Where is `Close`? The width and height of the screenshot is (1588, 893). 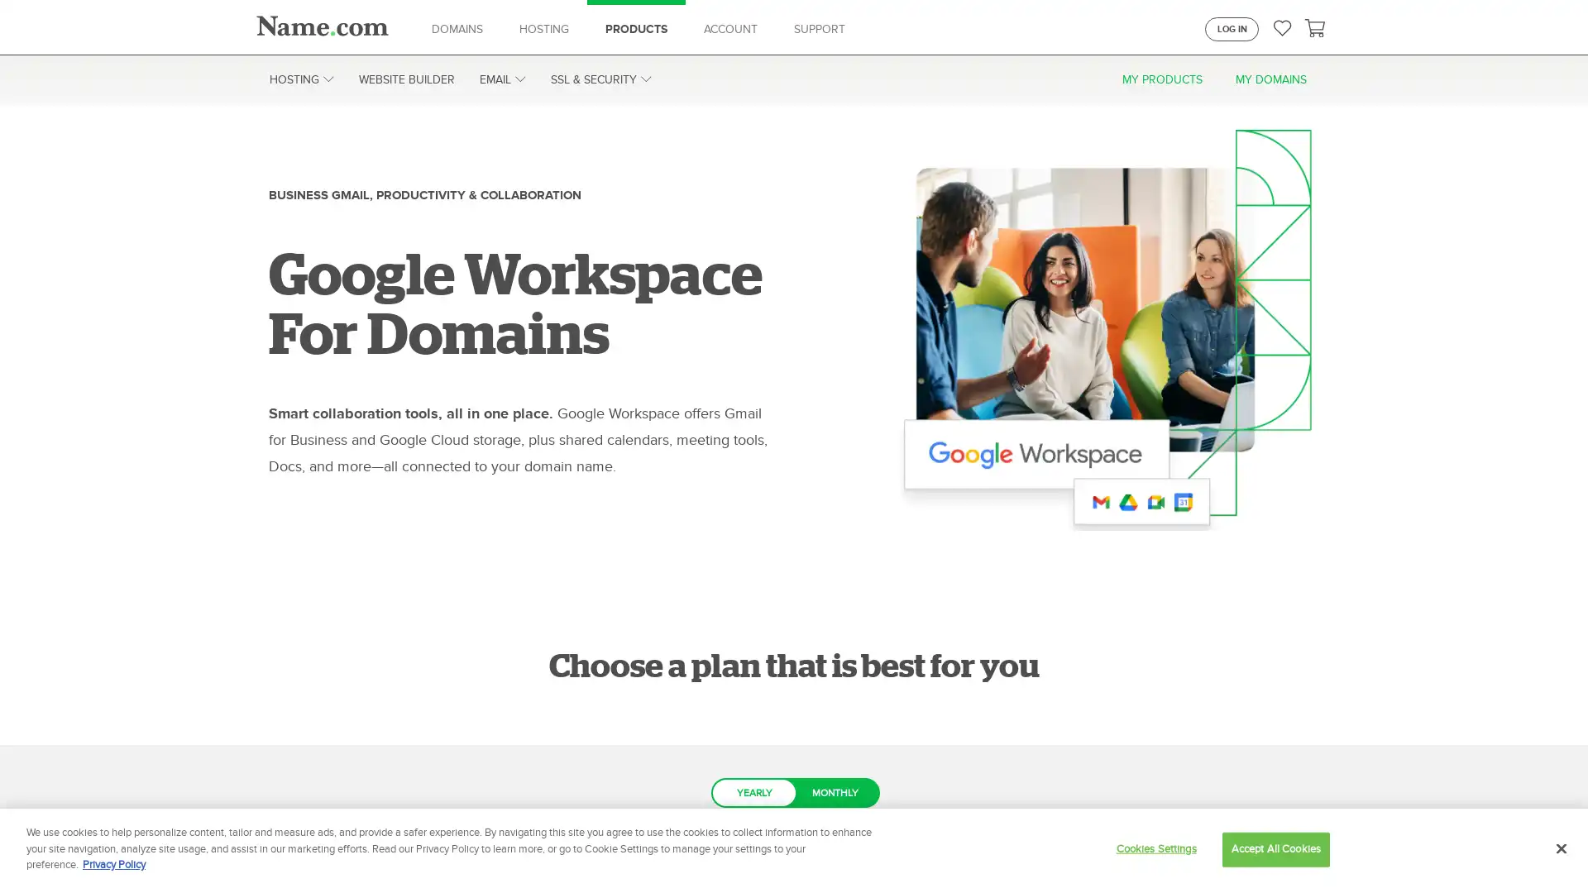
Close is located at coordinates (1560, 848).